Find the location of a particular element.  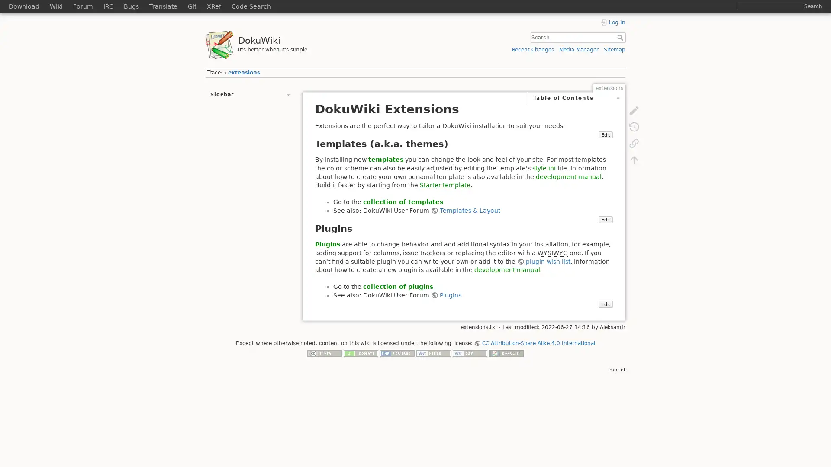

Edit is located at coordinates (605, 227).